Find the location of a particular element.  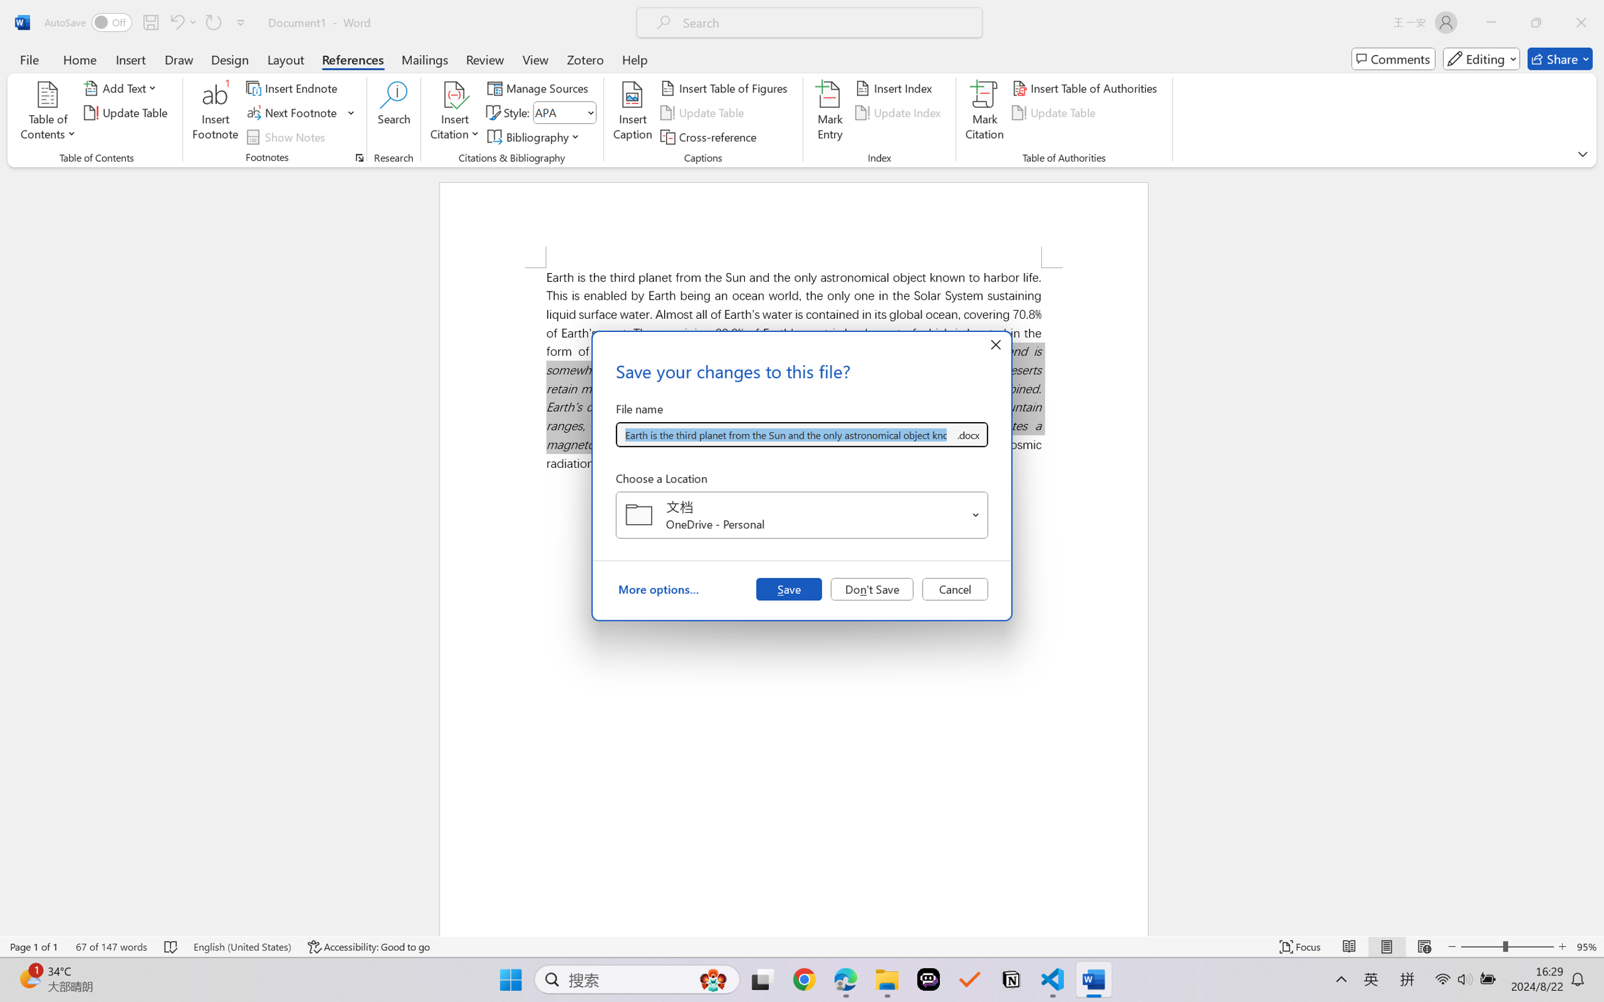

'Insert Caption...' is located at coordinates (632, 113).